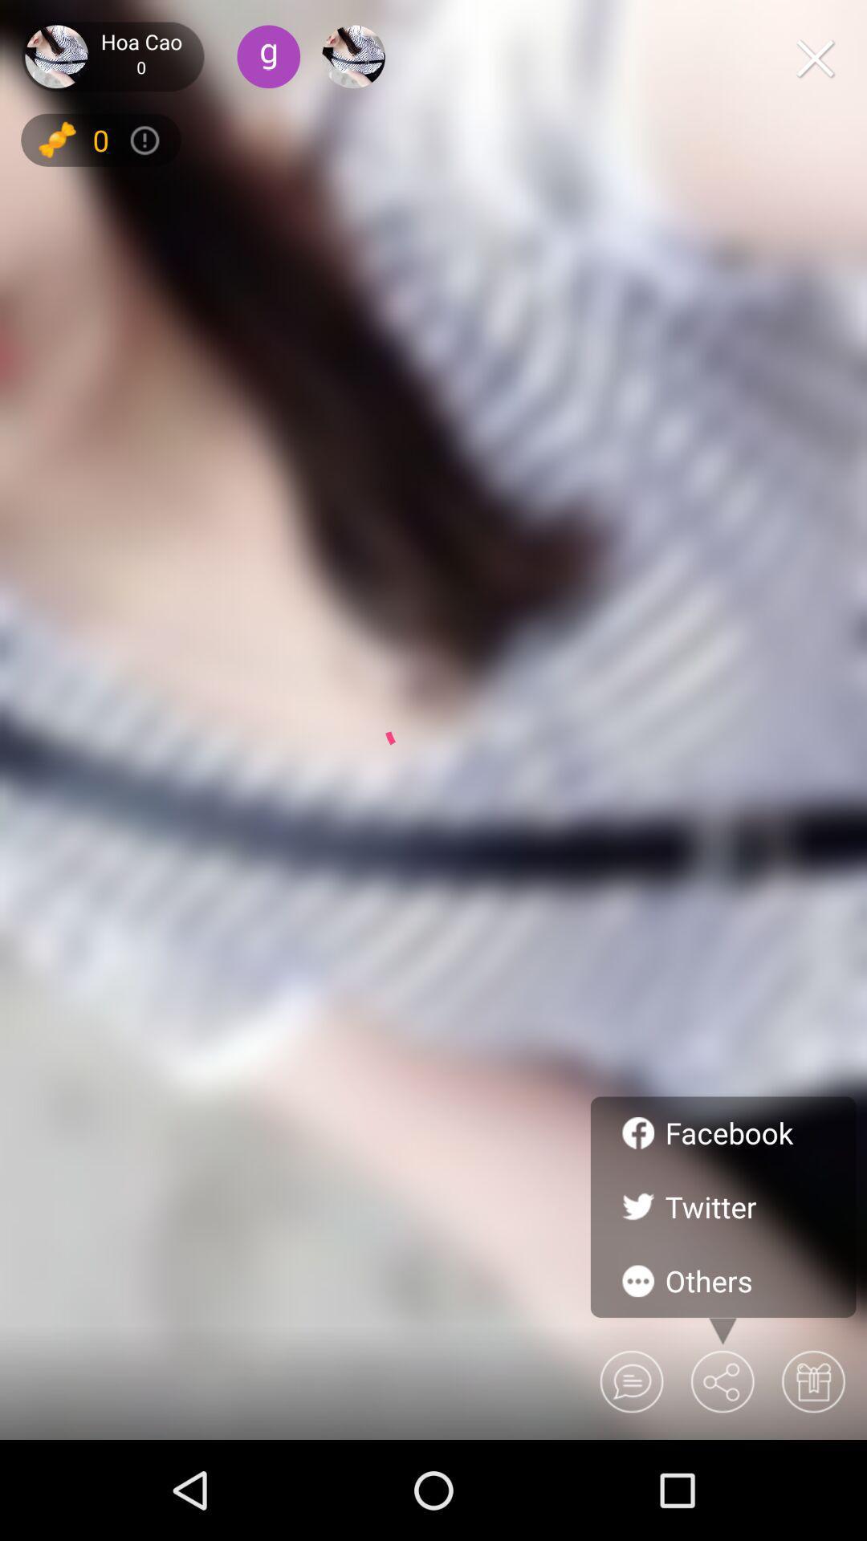 The height and width of the screenshot is (1541, 867). What do you see at coordinates (630, 1380) in the screenshot?
I see `the chat icon` at bounding box center [630, 1380].